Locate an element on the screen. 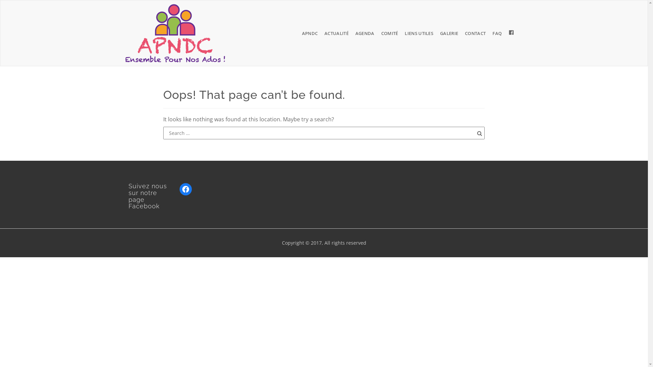 The image size is (653, 367). 'AGENDA' is located at coordinates (365, 33).